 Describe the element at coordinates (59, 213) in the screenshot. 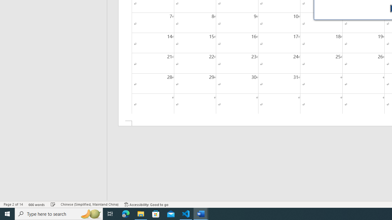

I see `'Type here to search'` at that location.